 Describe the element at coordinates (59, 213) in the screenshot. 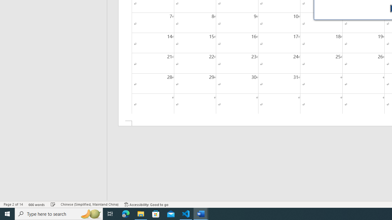

I see `'Type here to search'` at that location.